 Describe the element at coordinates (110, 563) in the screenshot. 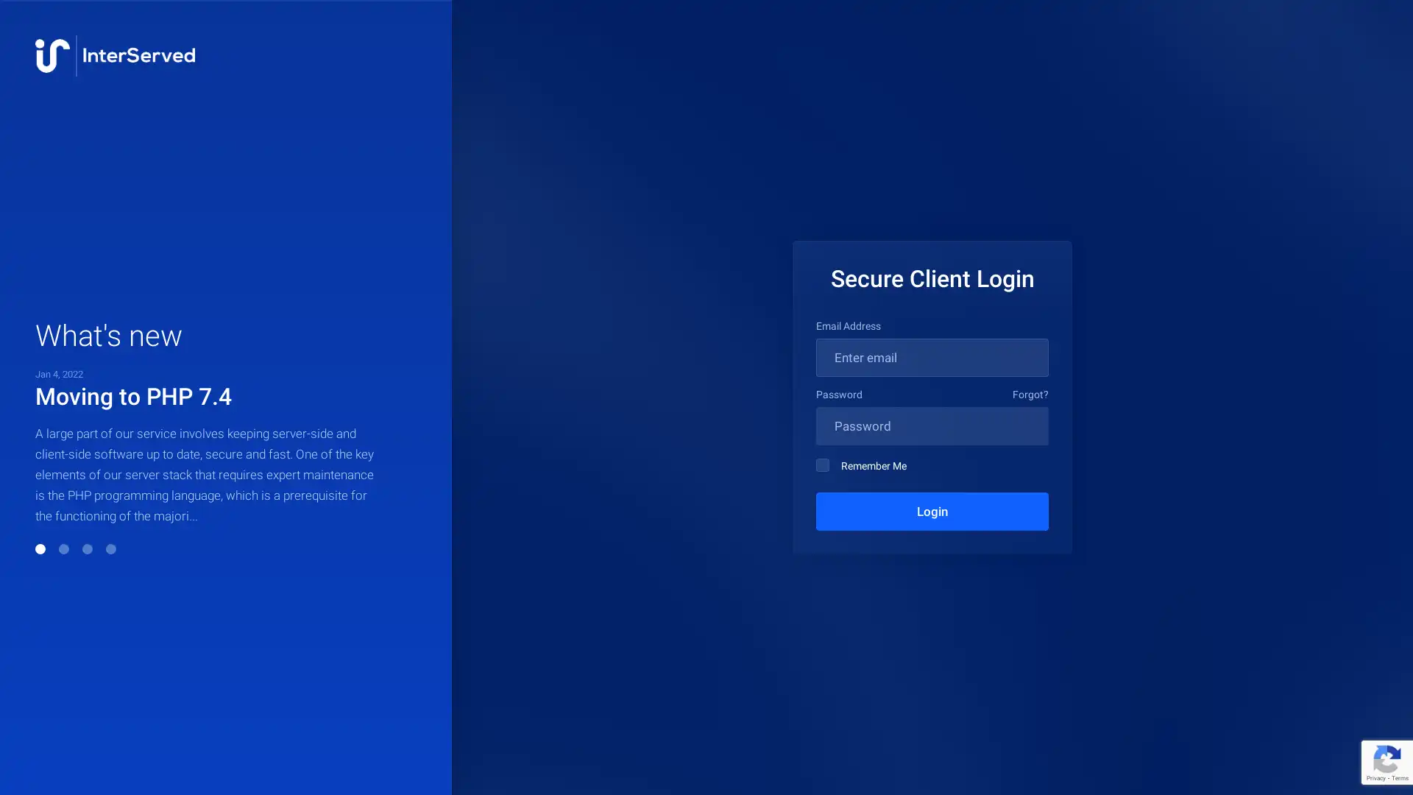

I see `Go to slide 4` at that location.